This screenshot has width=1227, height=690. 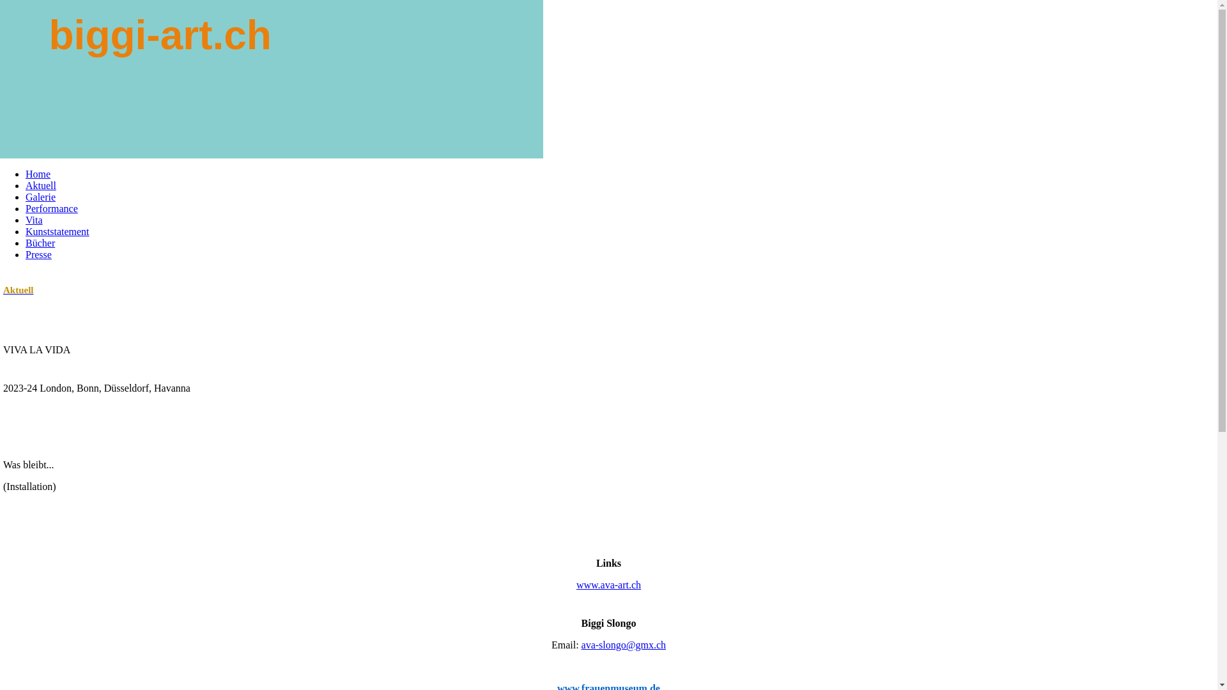 I want to click on 'www.ava-art.ch', so click(x=608, y=585).